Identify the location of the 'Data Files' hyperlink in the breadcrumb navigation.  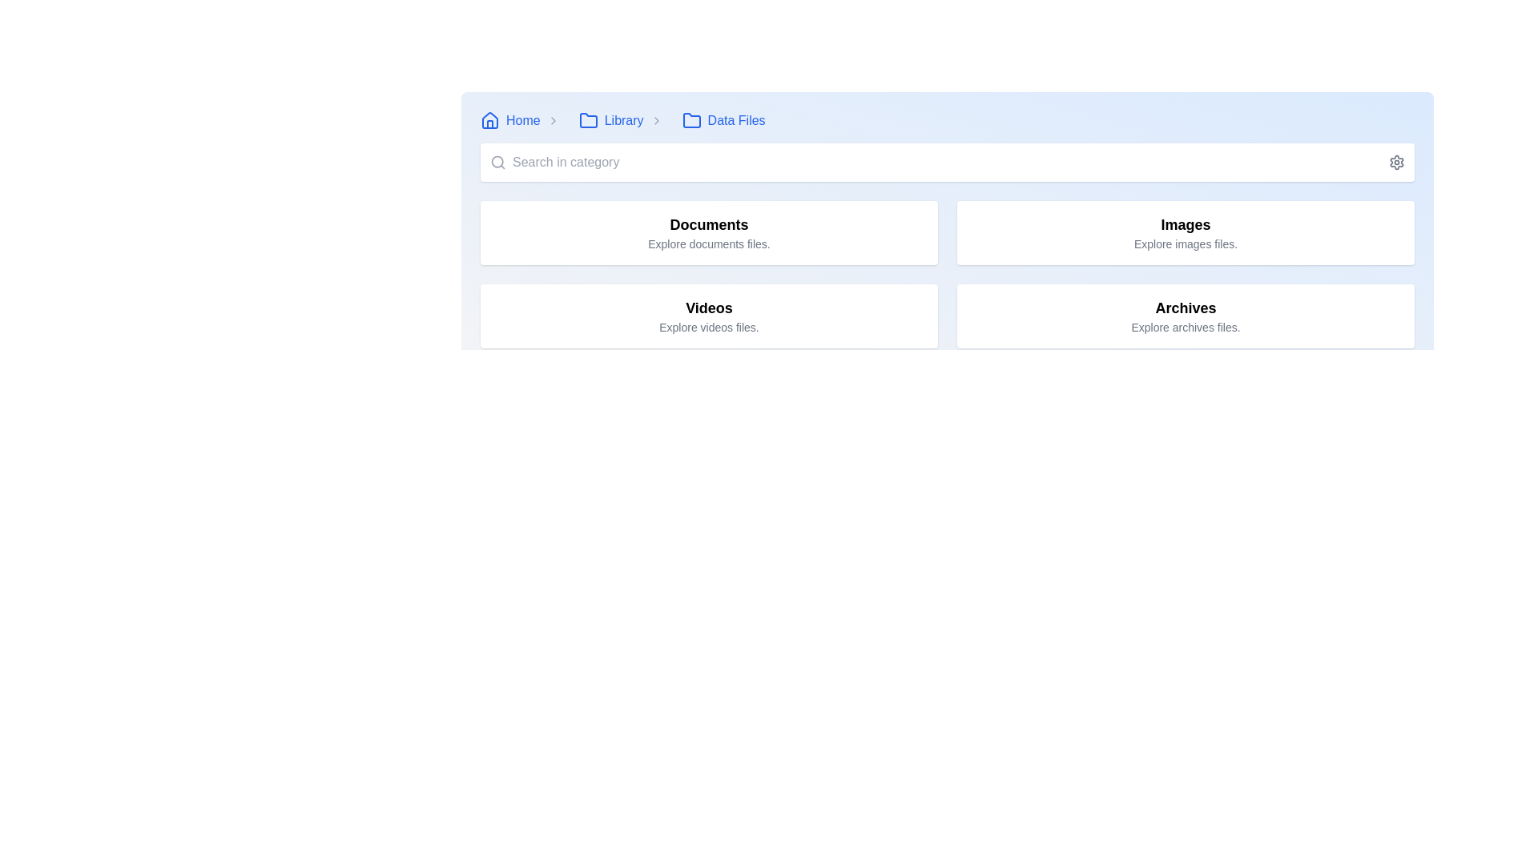
(723, 119).